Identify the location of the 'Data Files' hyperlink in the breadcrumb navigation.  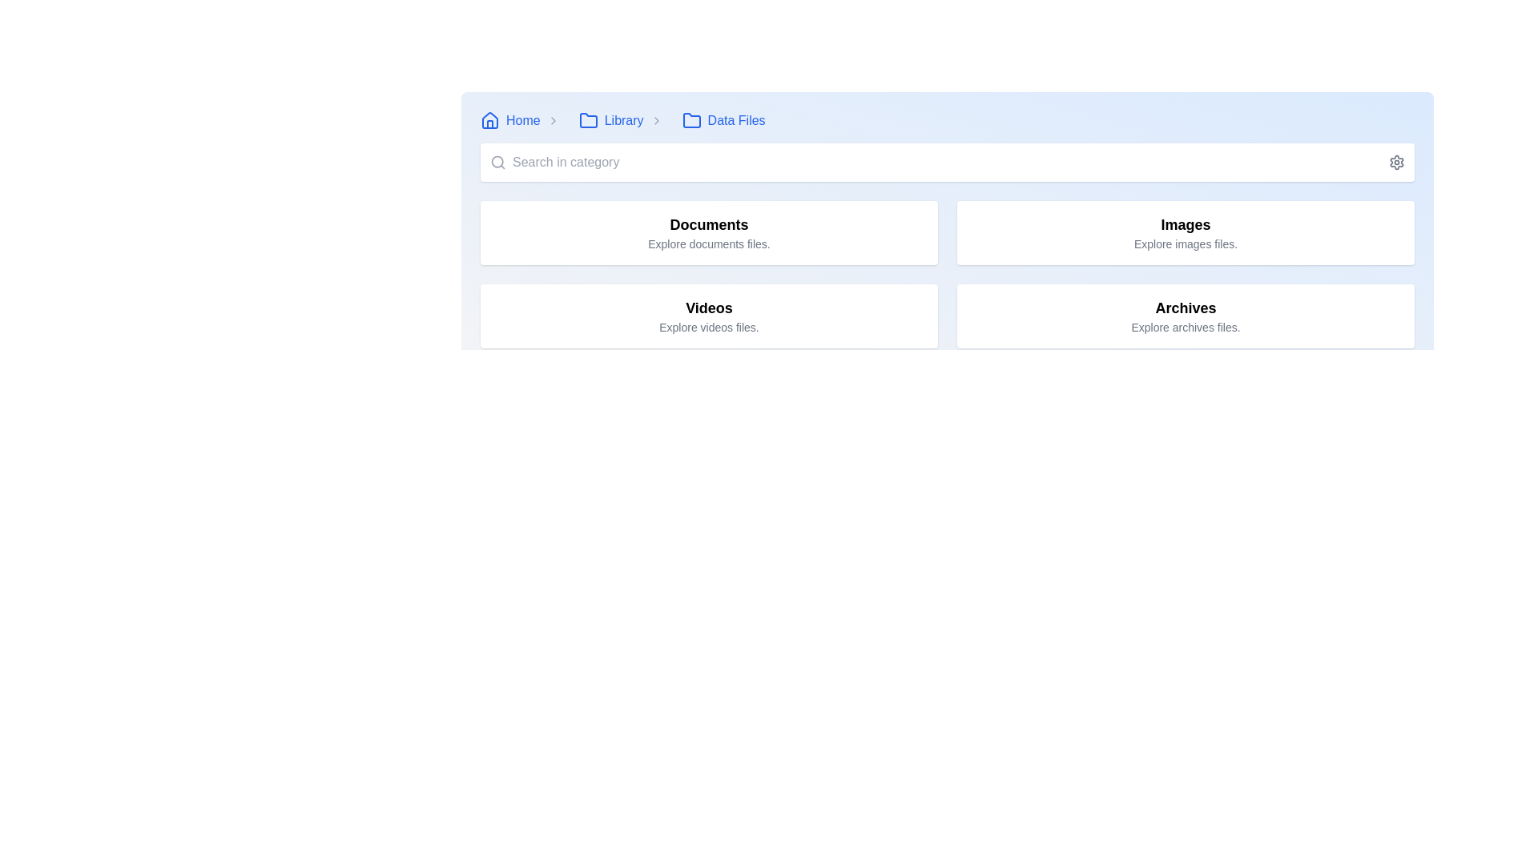
(723, 119).